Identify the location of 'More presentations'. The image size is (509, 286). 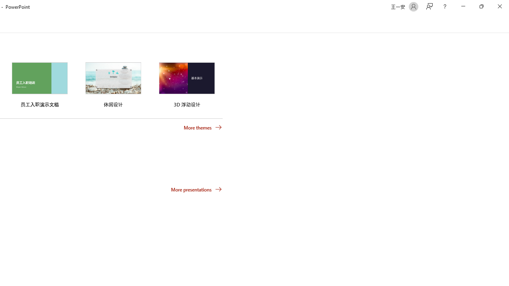
(196, 189).